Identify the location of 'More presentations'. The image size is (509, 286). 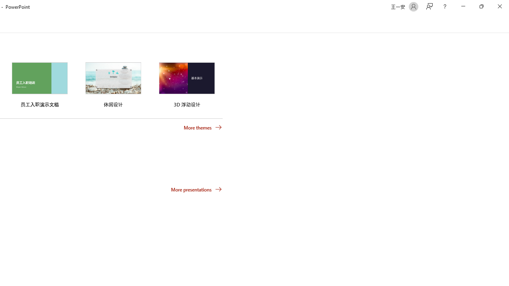
(196, 189).